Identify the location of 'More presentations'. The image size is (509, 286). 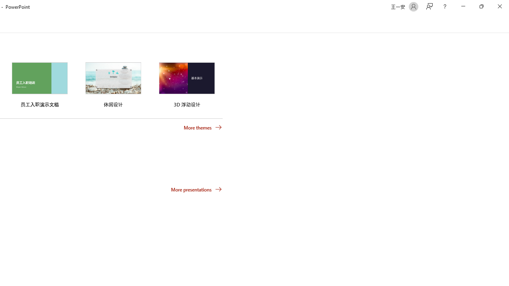
(196, 189).